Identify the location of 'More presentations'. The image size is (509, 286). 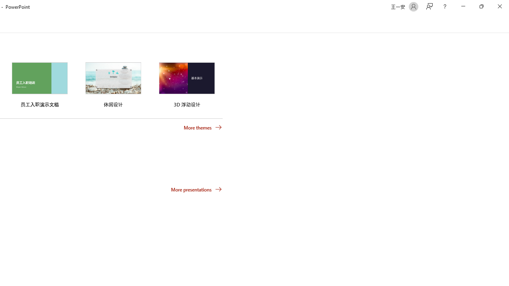
(196, 189).